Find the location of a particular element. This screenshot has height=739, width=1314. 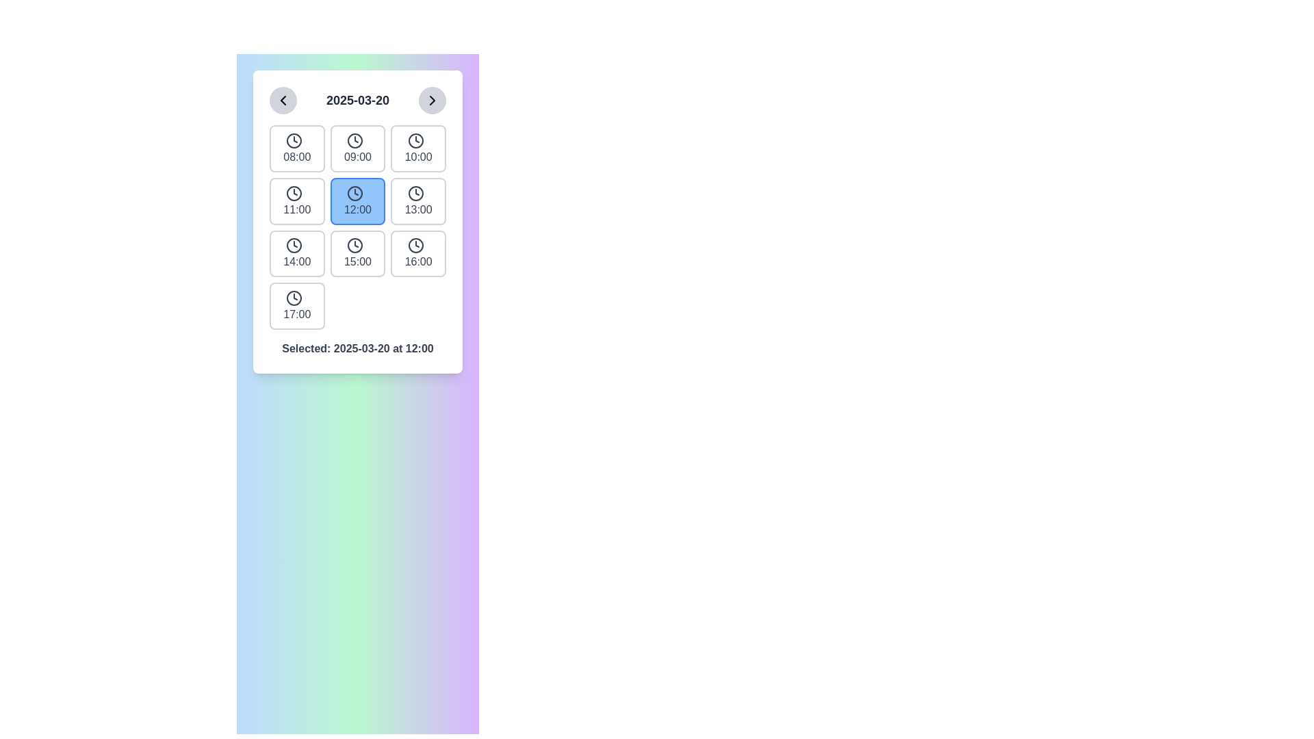

the square button with a light gray background and a dark blue outlined clock icon labeled '14:00', located in the fourth row and first column of the grid is located at coordinates (296, 253).